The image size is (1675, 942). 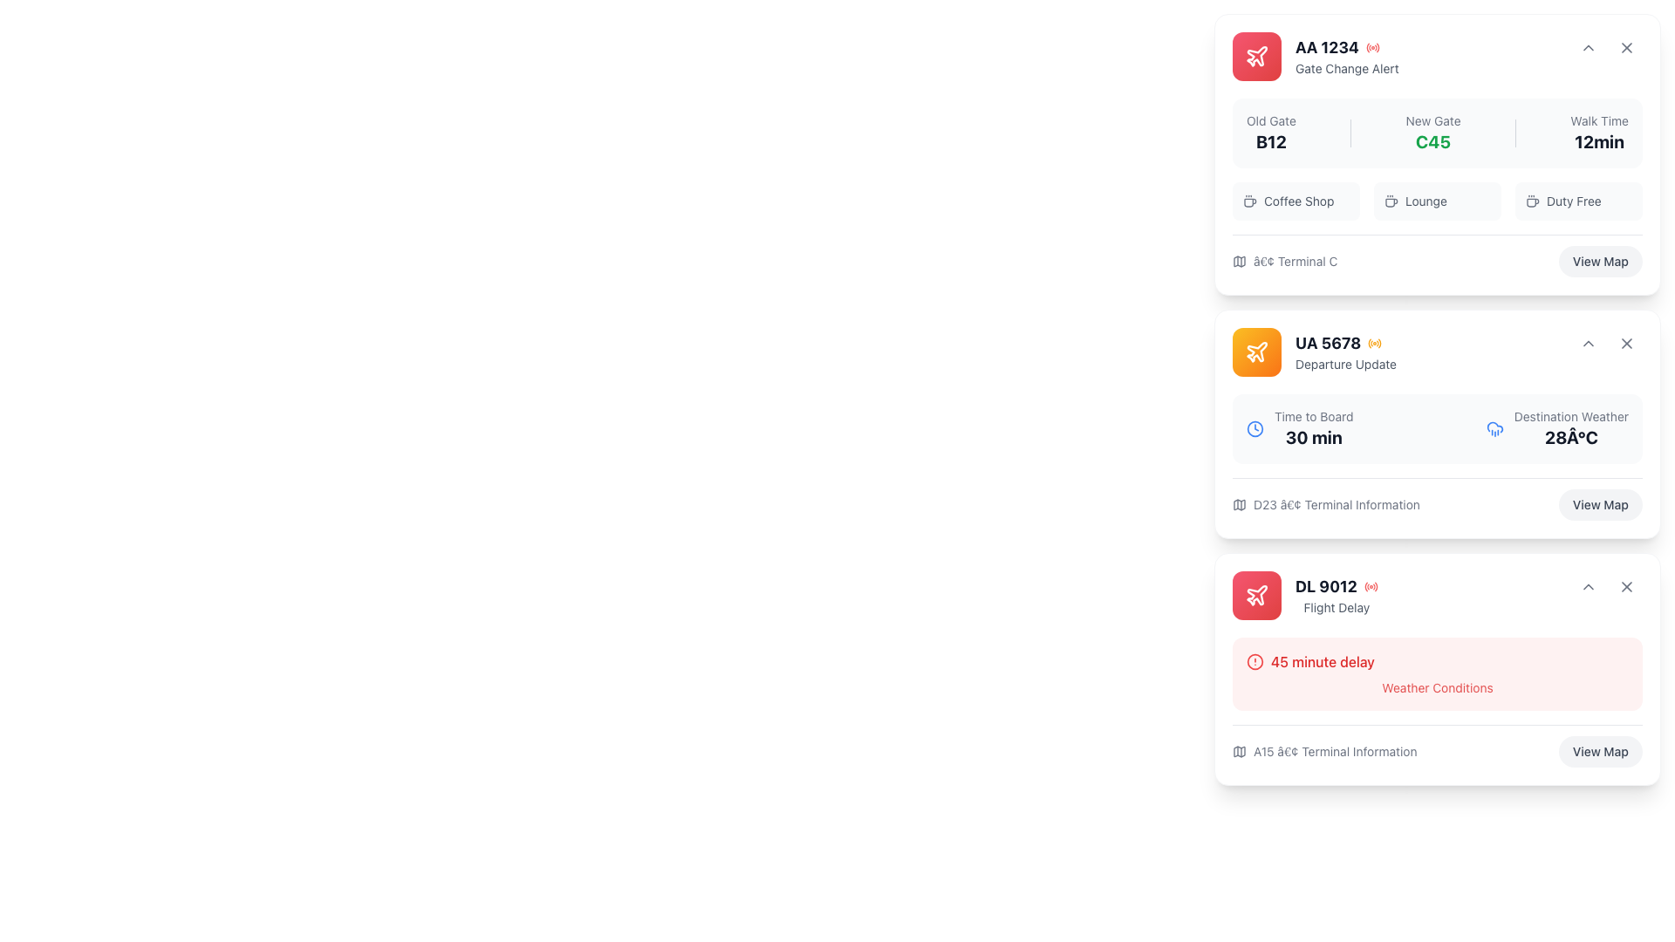 I want to click on text displayed in the flight departure update block, which includes the flight number and update description, located centrally within the second card from the top in the right column of the interface, so click(x=1344, y=352).